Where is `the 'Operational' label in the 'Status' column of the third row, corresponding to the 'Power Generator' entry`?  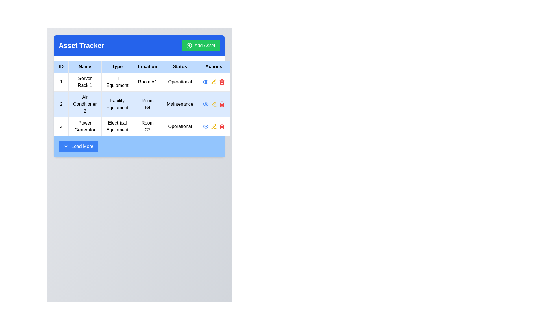 the 'Operational' label in the 'Status' column of the third row, corresponding to the 'Power Generator' entry is located at coordinates (180, 126).